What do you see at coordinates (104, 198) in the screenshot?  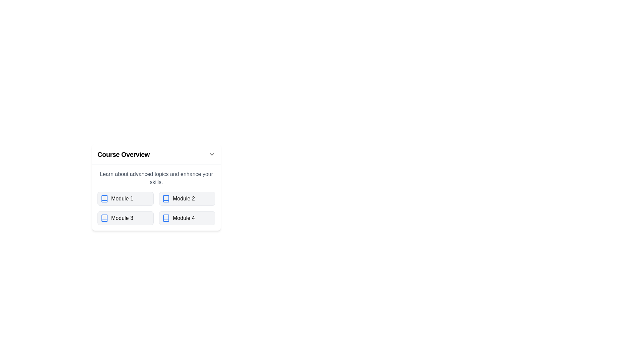 I see `the 'Module 1' button icon located in the top-left corner of the course module grid beneath the 'Course Overview' section` at bounding box center [104, 198].